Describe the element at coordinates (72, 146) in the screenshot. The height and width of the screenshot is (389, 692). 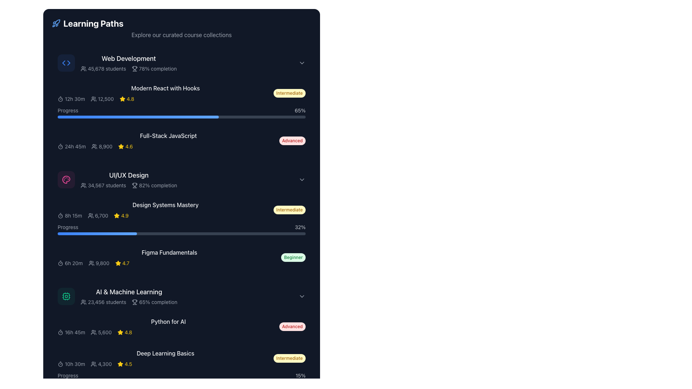
I see `the static text display that provides estimated time for course completion for the 'Full-Stack JavaScript' course, located to the left of user ratings` at that location.